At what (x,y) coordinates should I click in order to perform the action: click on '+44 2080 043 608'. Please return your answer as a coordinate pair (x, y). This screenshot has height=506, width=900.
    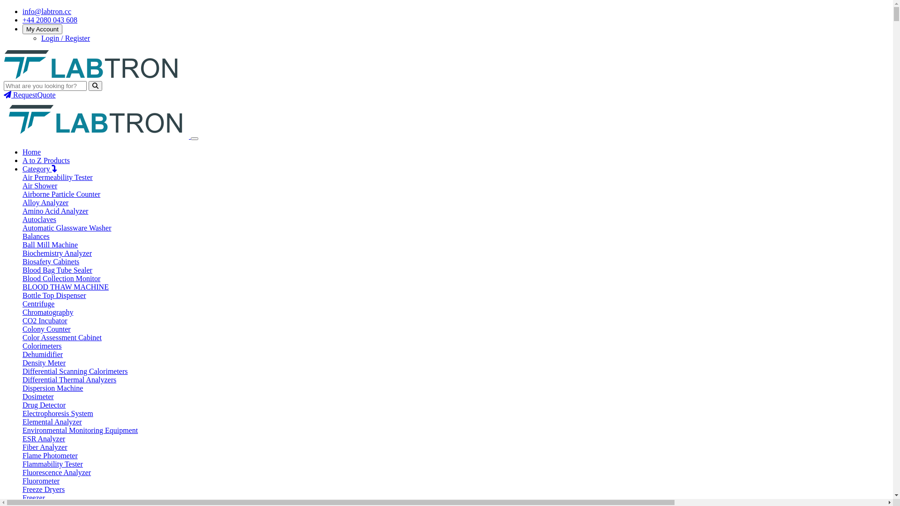
    Looking at the image, I should click on (22, 20).